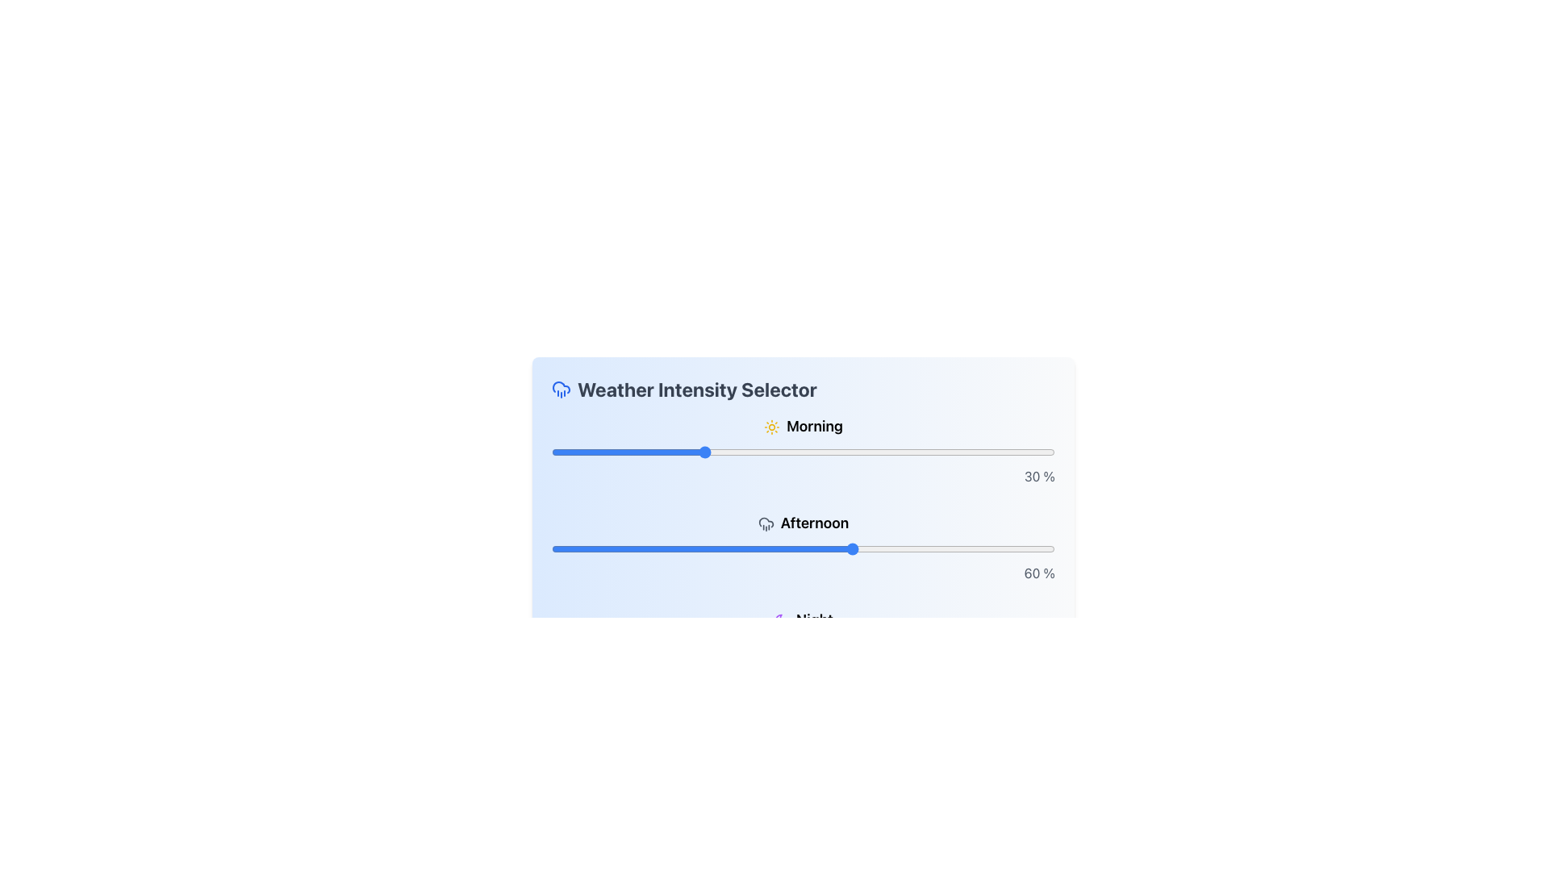 The image size is (1549, 871). Describe the element at coordinates (562, 389) in the screenshot. I see `the rainfall icon in the 'Weather Intensity Selector' interface, located to the left of the text label` at that location.